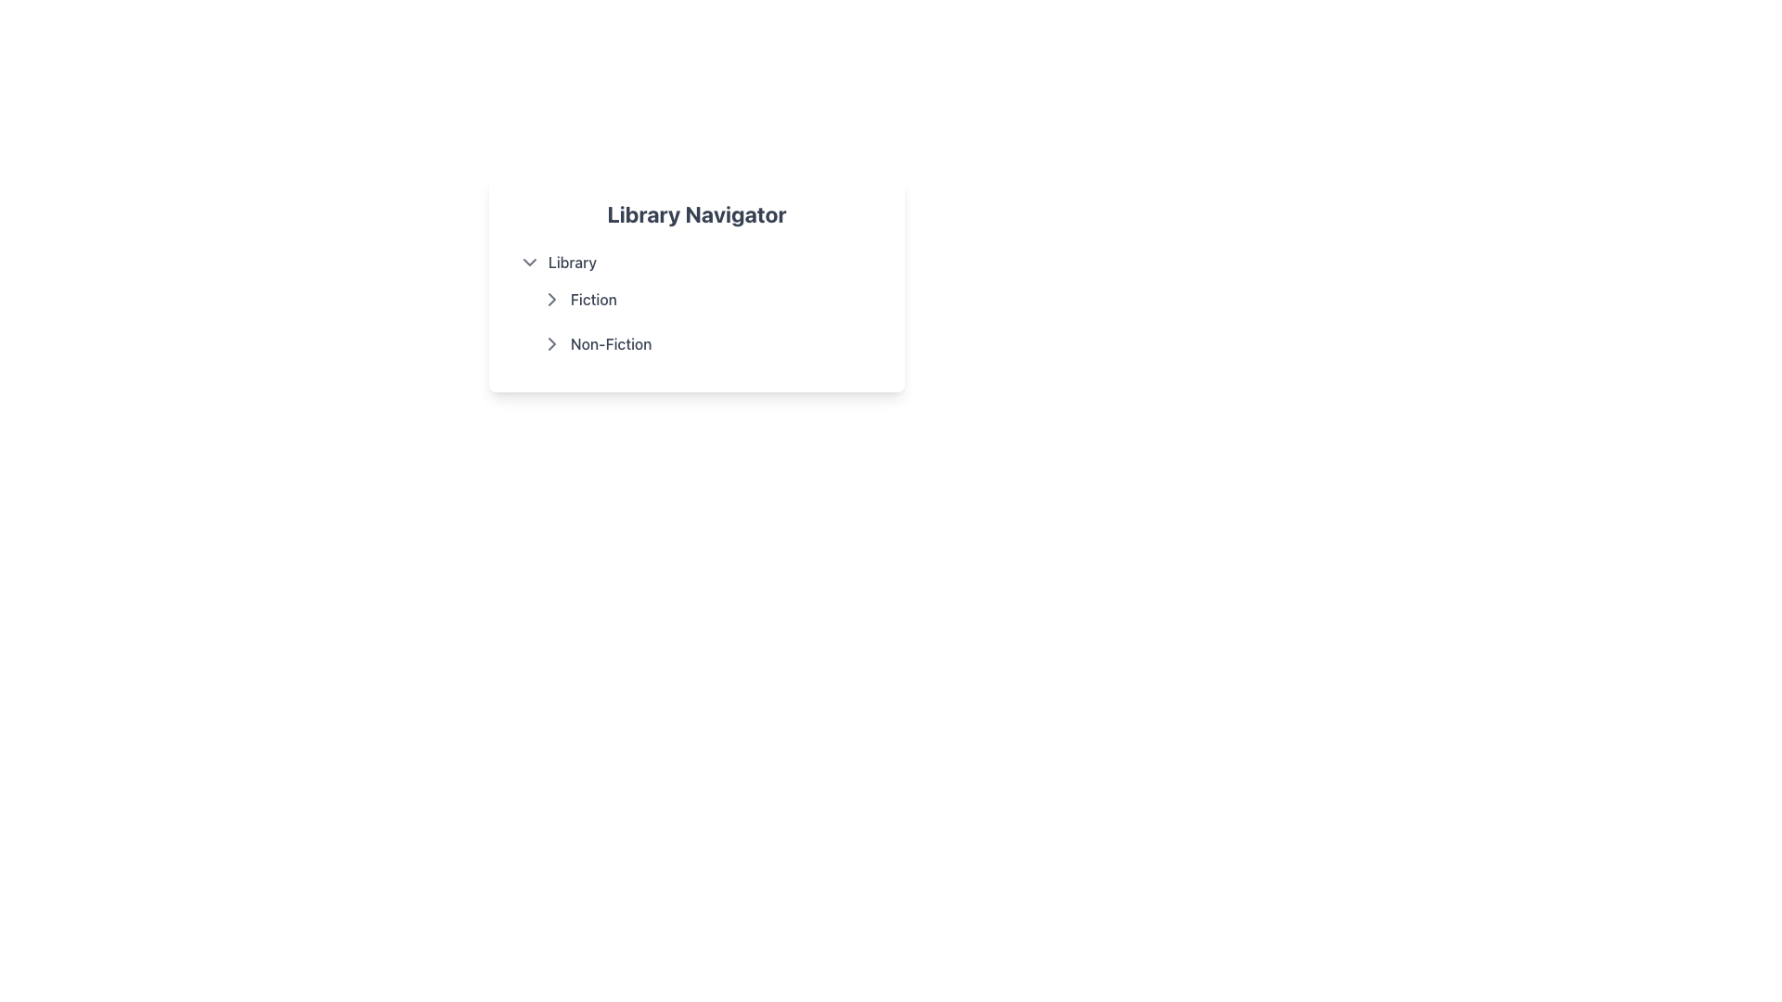 The height and width of the screenshot is (1002, 1782). I want to click on the individual list entries in the navigation panel located under the 'Library Navigator' title, so click(695, 285).